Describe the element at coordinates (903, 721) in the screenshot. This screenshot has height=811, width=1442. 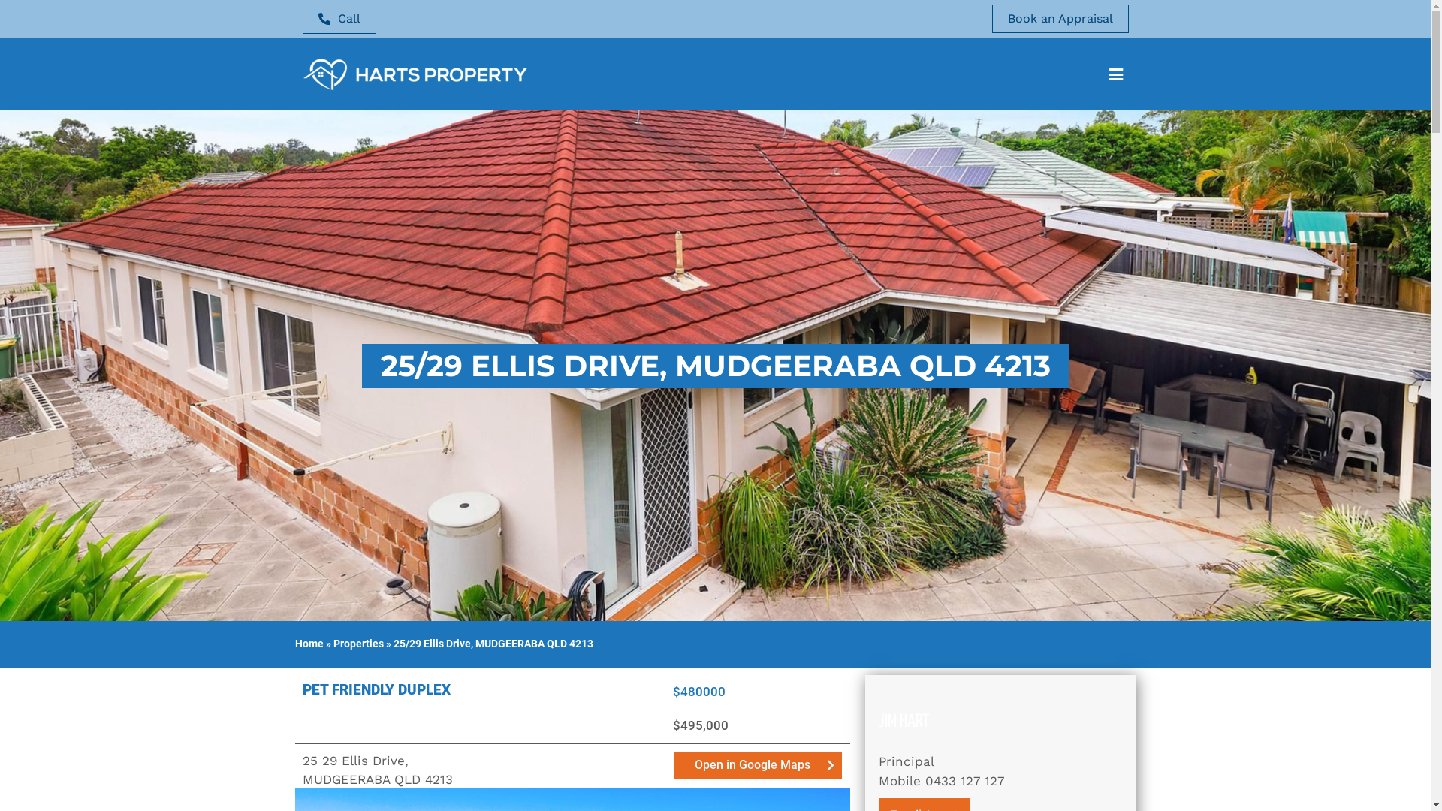
I see `'JIM HART'` at that location.